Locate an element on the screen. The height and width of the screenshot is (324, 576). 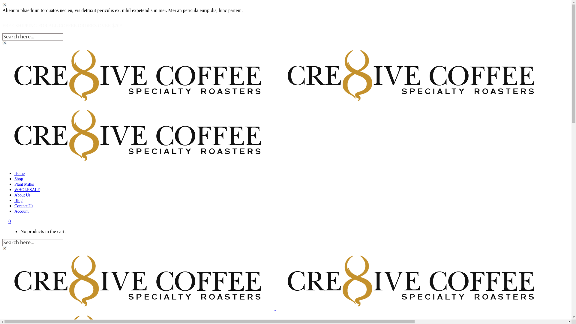
'Blog' is located at coordinates (14, 200).